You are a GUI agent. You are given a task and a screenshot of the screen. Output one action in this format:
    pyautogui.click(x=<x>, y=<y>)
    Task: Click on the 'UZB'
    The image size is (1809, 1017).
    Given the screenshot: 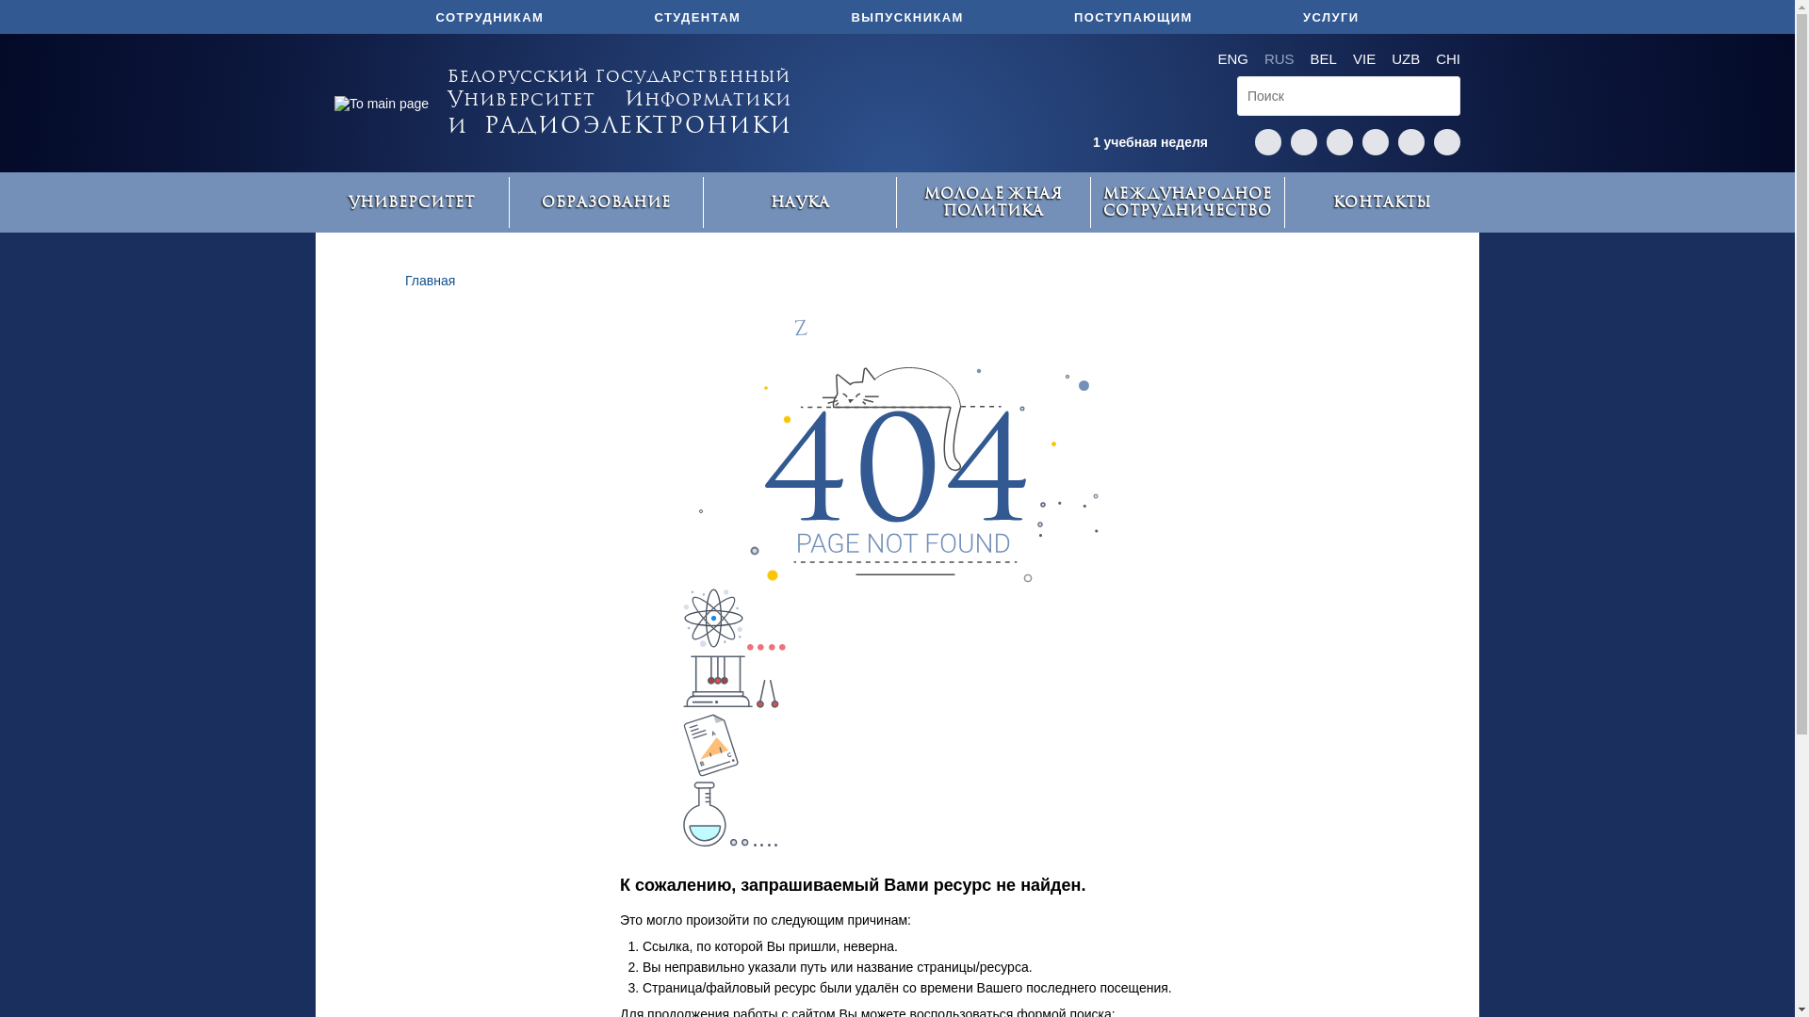 What is the action you would take?
    pyautogui.click(x=1406, y=57)
    